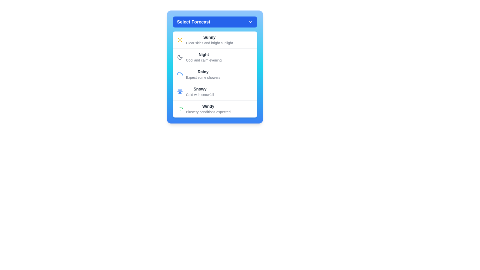  I want to click on the 'Rainy' weather icon located to the left of the text 'Rainy Expect some showers' in the weather selection menu for related interactions, so click(180, 74).